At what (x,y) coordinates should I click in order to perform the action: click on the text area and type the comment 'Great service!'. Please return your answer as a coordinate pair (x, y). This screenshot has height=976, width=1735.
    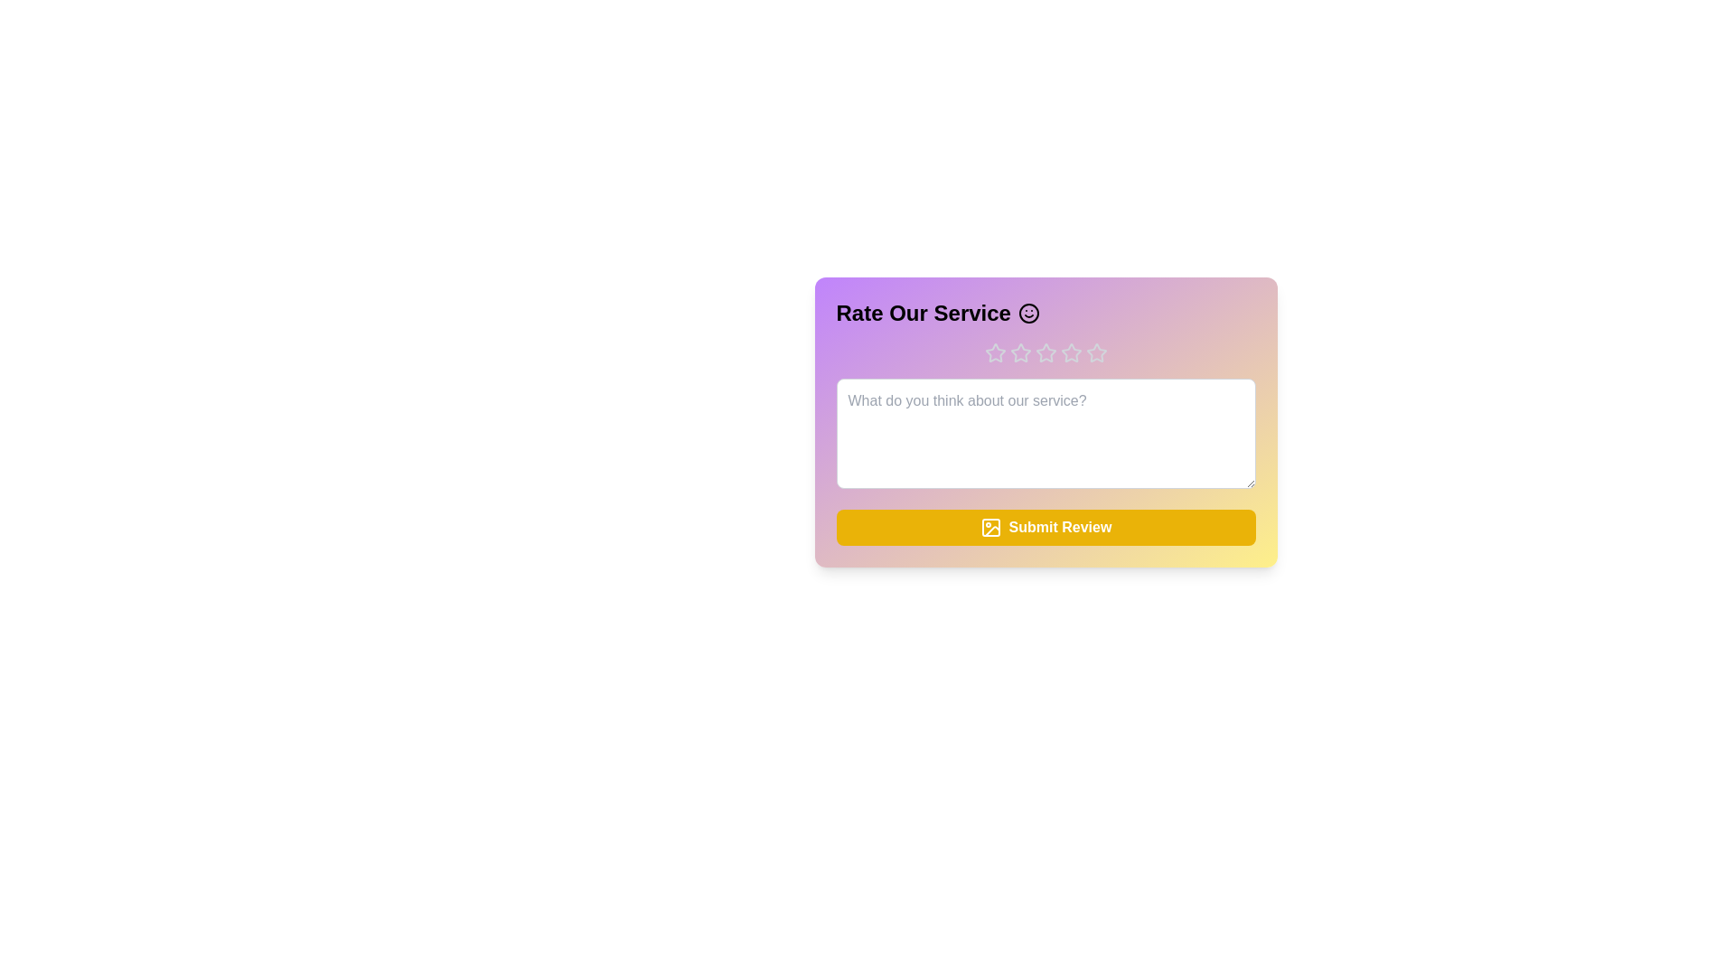
    Looking at the image, I should click on (1046, 433).